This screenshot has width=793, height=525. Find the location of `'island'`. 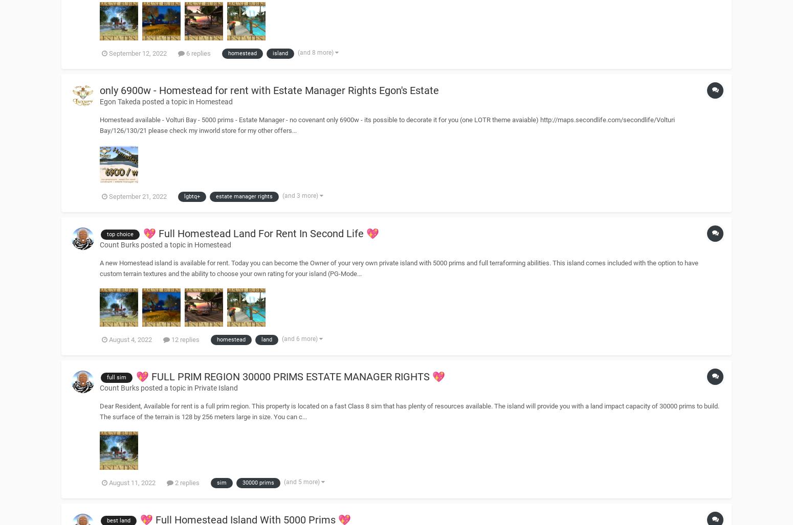

'island' is located at coordinates (272, 52).